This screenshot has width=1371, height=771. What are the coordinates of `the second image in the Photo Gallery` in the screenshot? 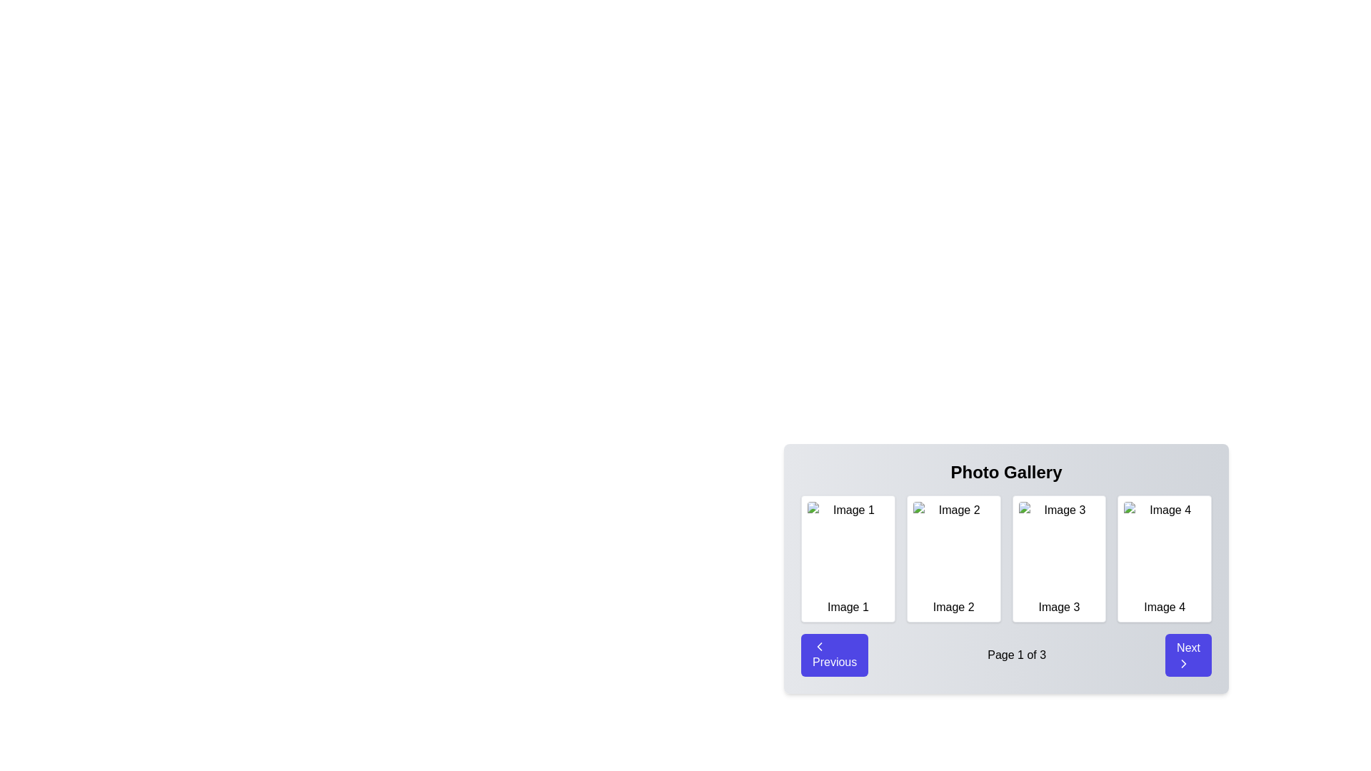 It's located at (953, 547).